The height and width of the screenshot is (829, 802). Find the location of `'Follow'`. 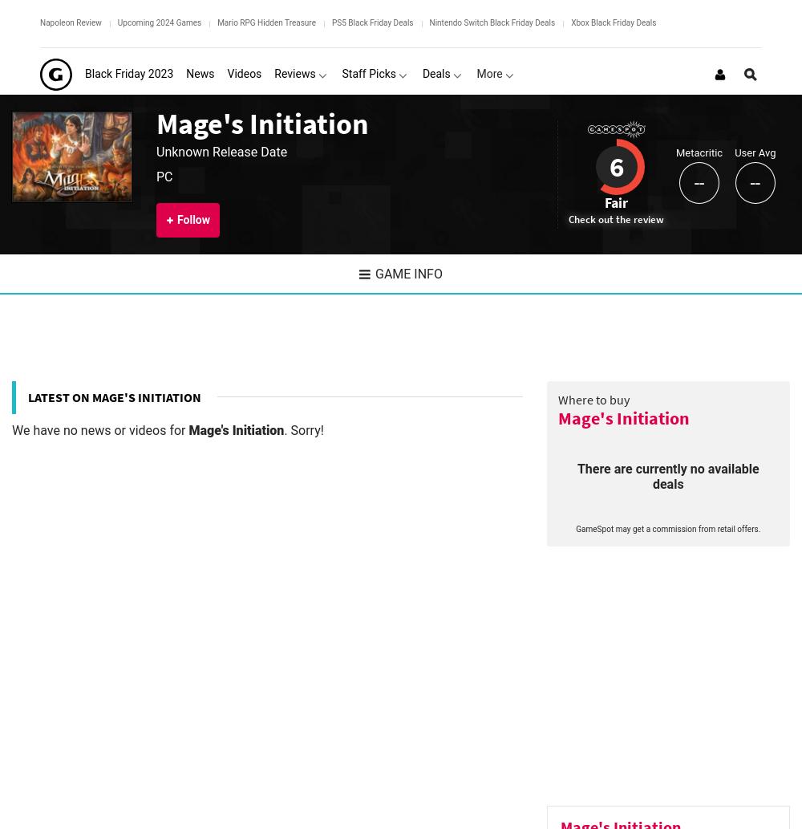

'Follow' is located at coordinates (192, 218).